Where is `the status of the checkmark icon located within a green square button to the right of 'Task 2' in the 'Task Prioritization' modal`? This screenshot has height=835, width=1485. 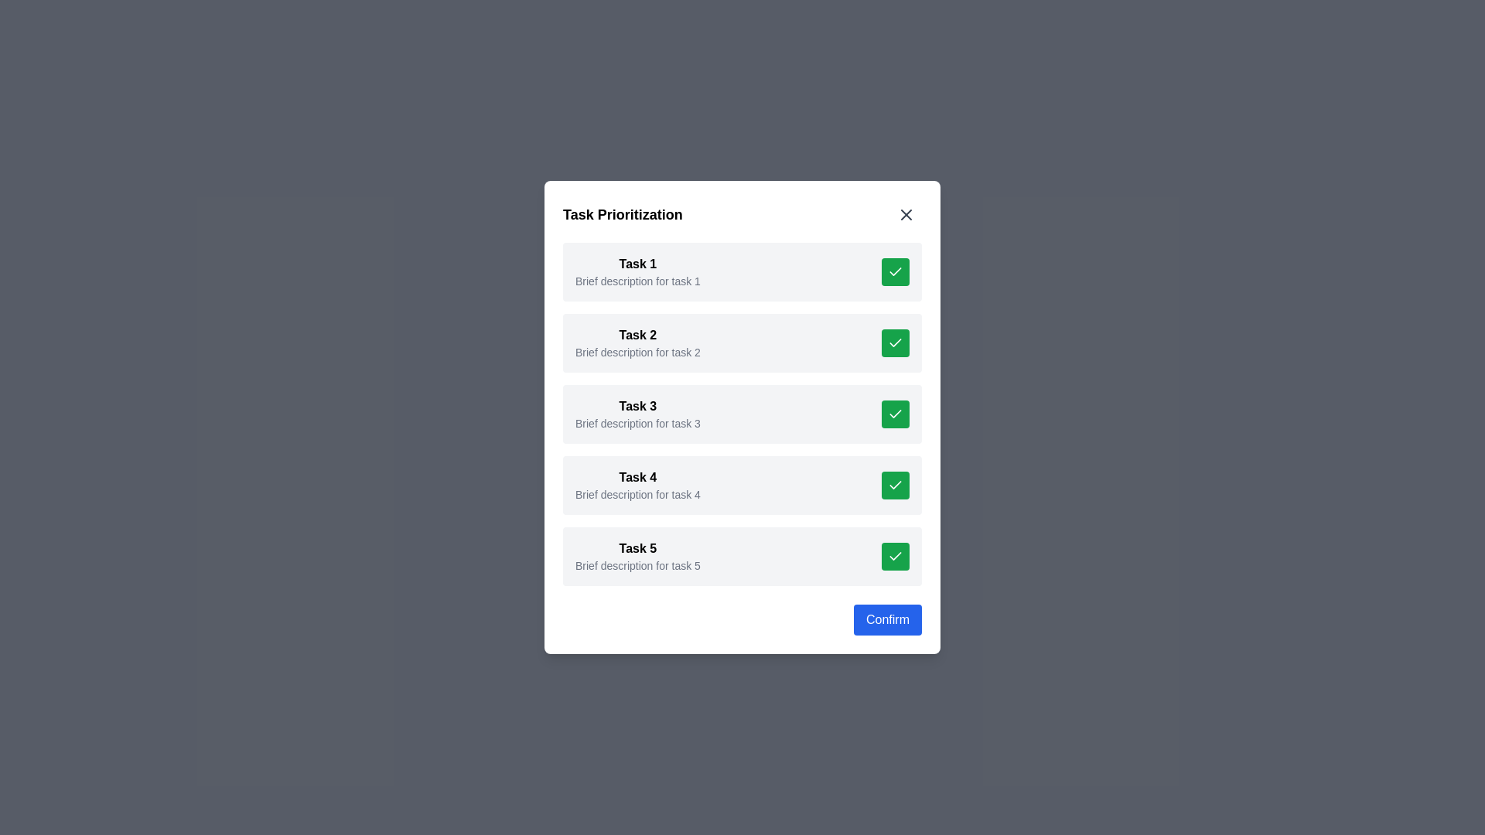
the status of the checkmark icon located within a green square button to the right of 'Task 2' in the 'Task Prioritization' modal is located at coordinates (895, 342).